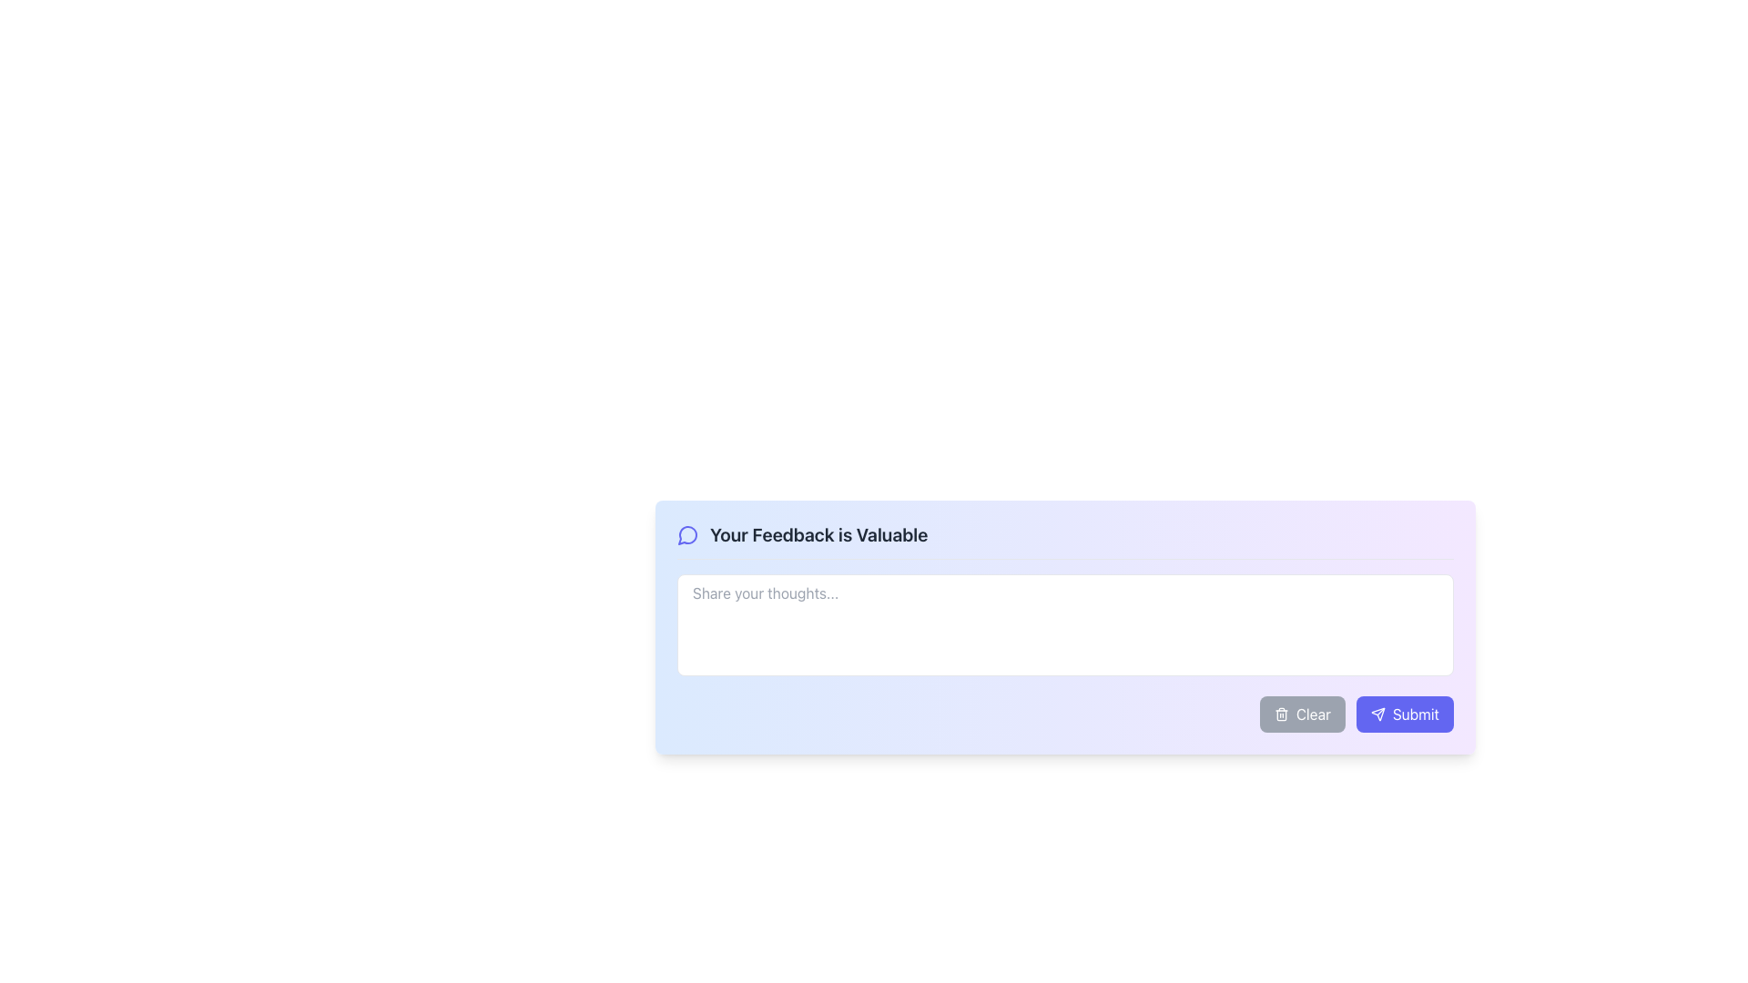  Describe the element at coordinates (1404, 714) in the screenshot. I see `the 'Submit' button with a purple background and white text, located at the bottom-right corner of the interface` at that location.